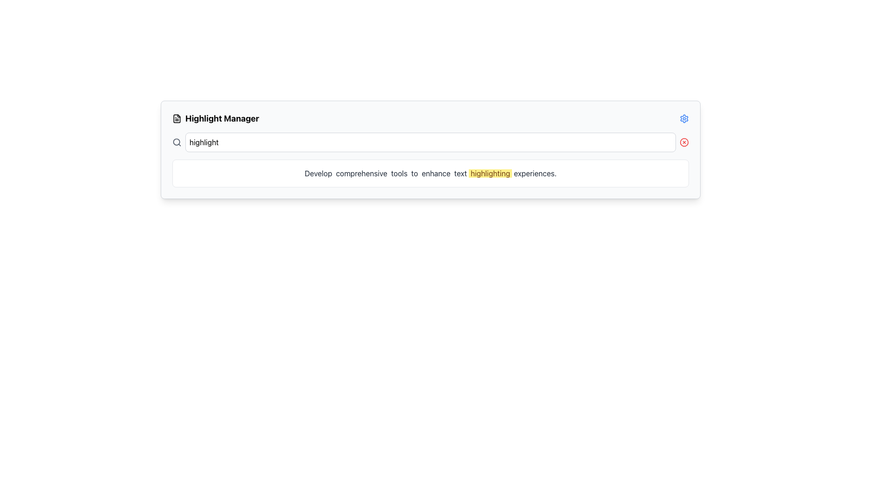 The width and height of the screenshot is (892, 501). I want to click on the gear-shaped icon located, so click(684, 118).